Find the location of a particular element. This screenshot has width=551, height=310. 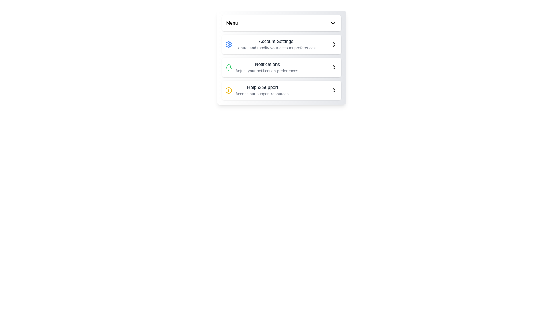

details provided by the 'Notifications' text element, which is the second item in a vertical list and includes the message about adjusting notification preferences is located at coordinates (267, 67).